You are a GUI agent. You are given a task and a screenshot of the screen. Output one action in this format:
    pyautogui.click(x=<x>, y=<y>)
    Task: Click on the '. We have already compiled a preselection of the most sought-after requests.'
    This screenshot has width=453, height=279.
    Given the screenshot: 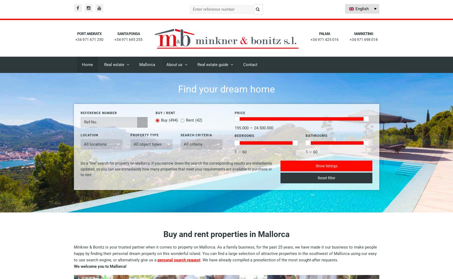 What is the action you would take?
    pyautogui.click(x=269, y=260)
    